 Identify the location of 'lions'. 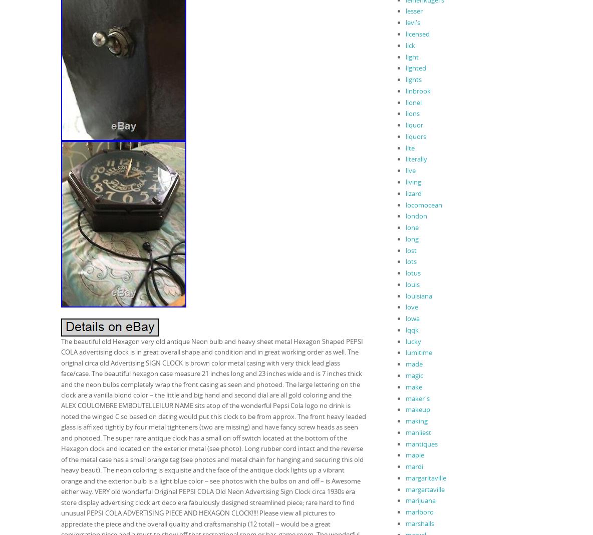
(412, 112).